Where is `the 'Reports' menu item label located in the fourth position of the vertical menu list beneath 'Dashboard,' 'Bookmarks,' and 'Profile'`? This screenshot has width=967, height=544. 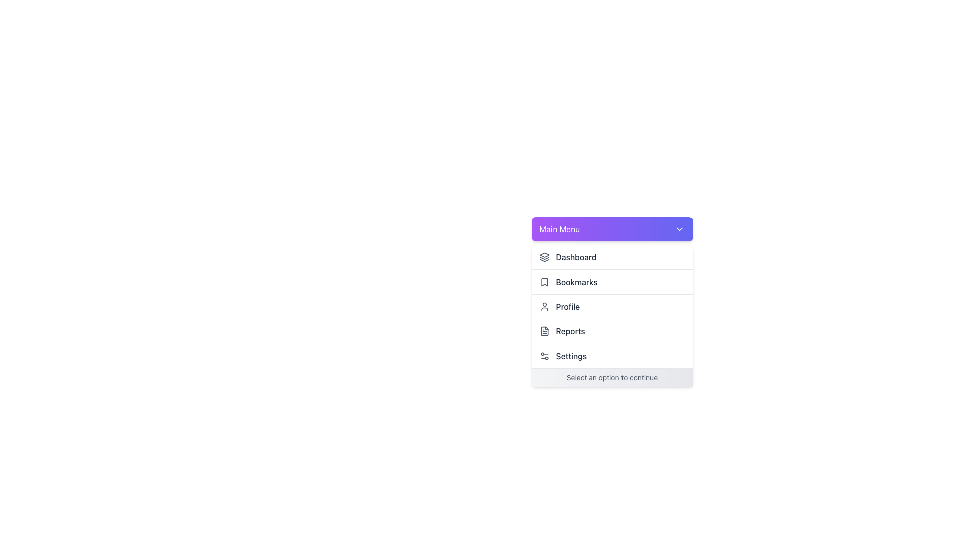
the 'Reports' menu item label located in the fourth position of the vertical menu list beneath 'Dashboard,' 'Bookmarks,' and 'Profile' is located at coordinates (570, 331).